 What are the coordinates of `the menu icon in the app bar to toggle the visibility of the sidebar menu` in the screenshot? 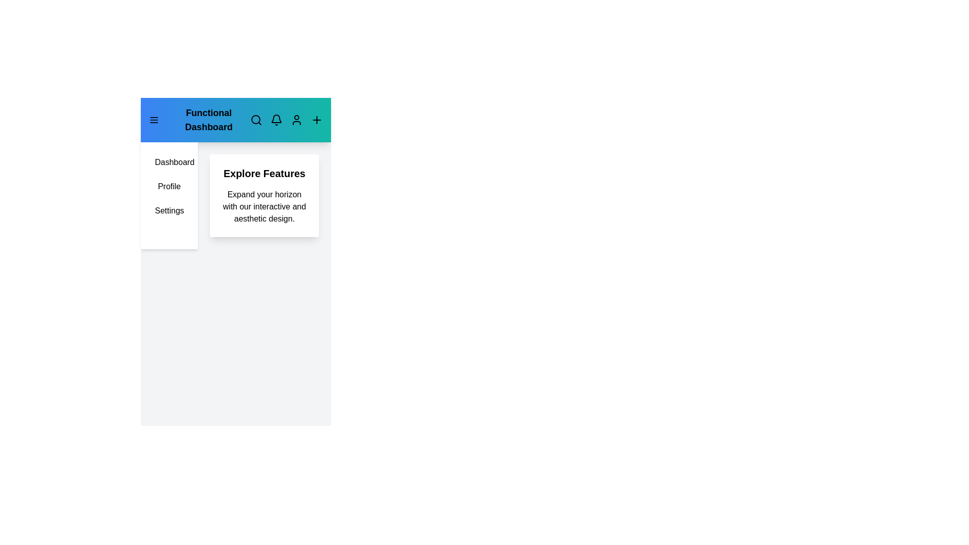 It's located at (153, 120).